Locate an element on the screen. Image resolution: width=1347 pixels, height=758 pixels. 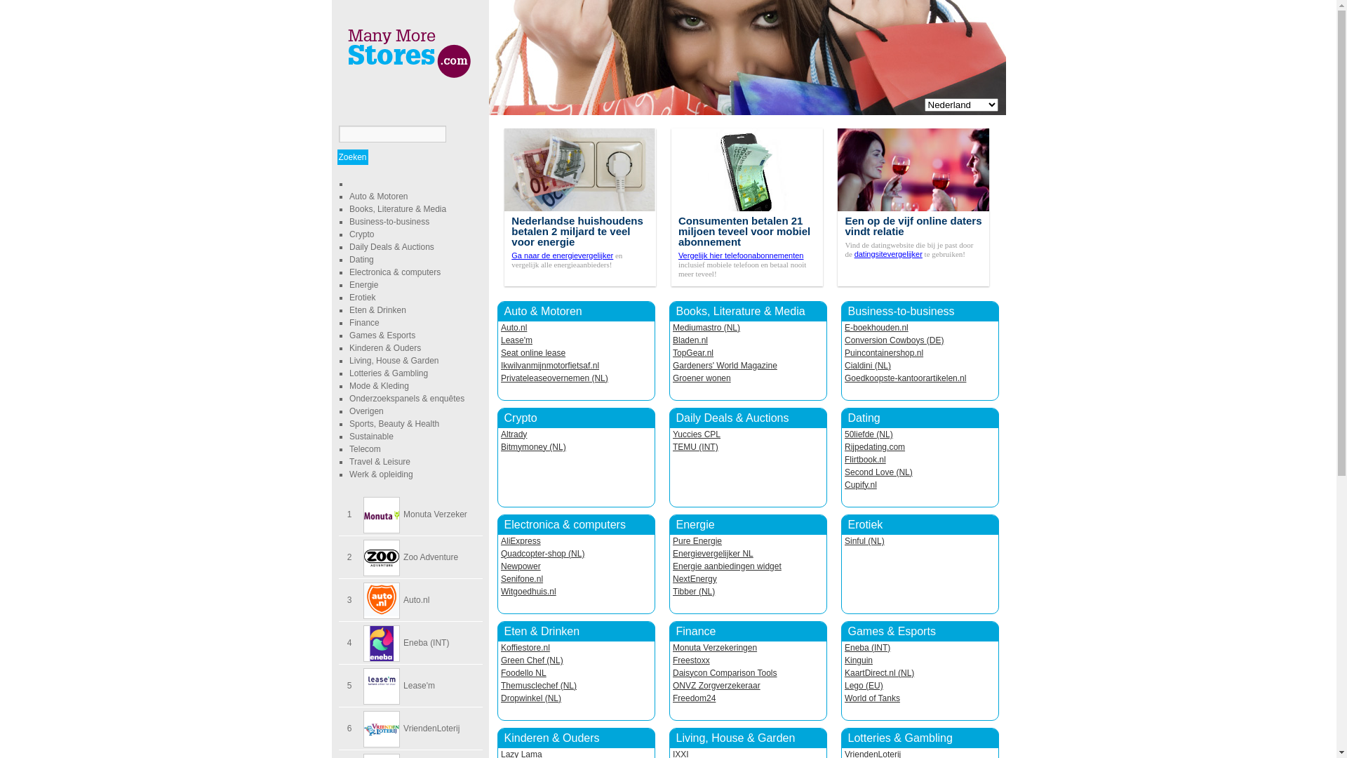
'Freedom24' is located at coordinates (694, 698).